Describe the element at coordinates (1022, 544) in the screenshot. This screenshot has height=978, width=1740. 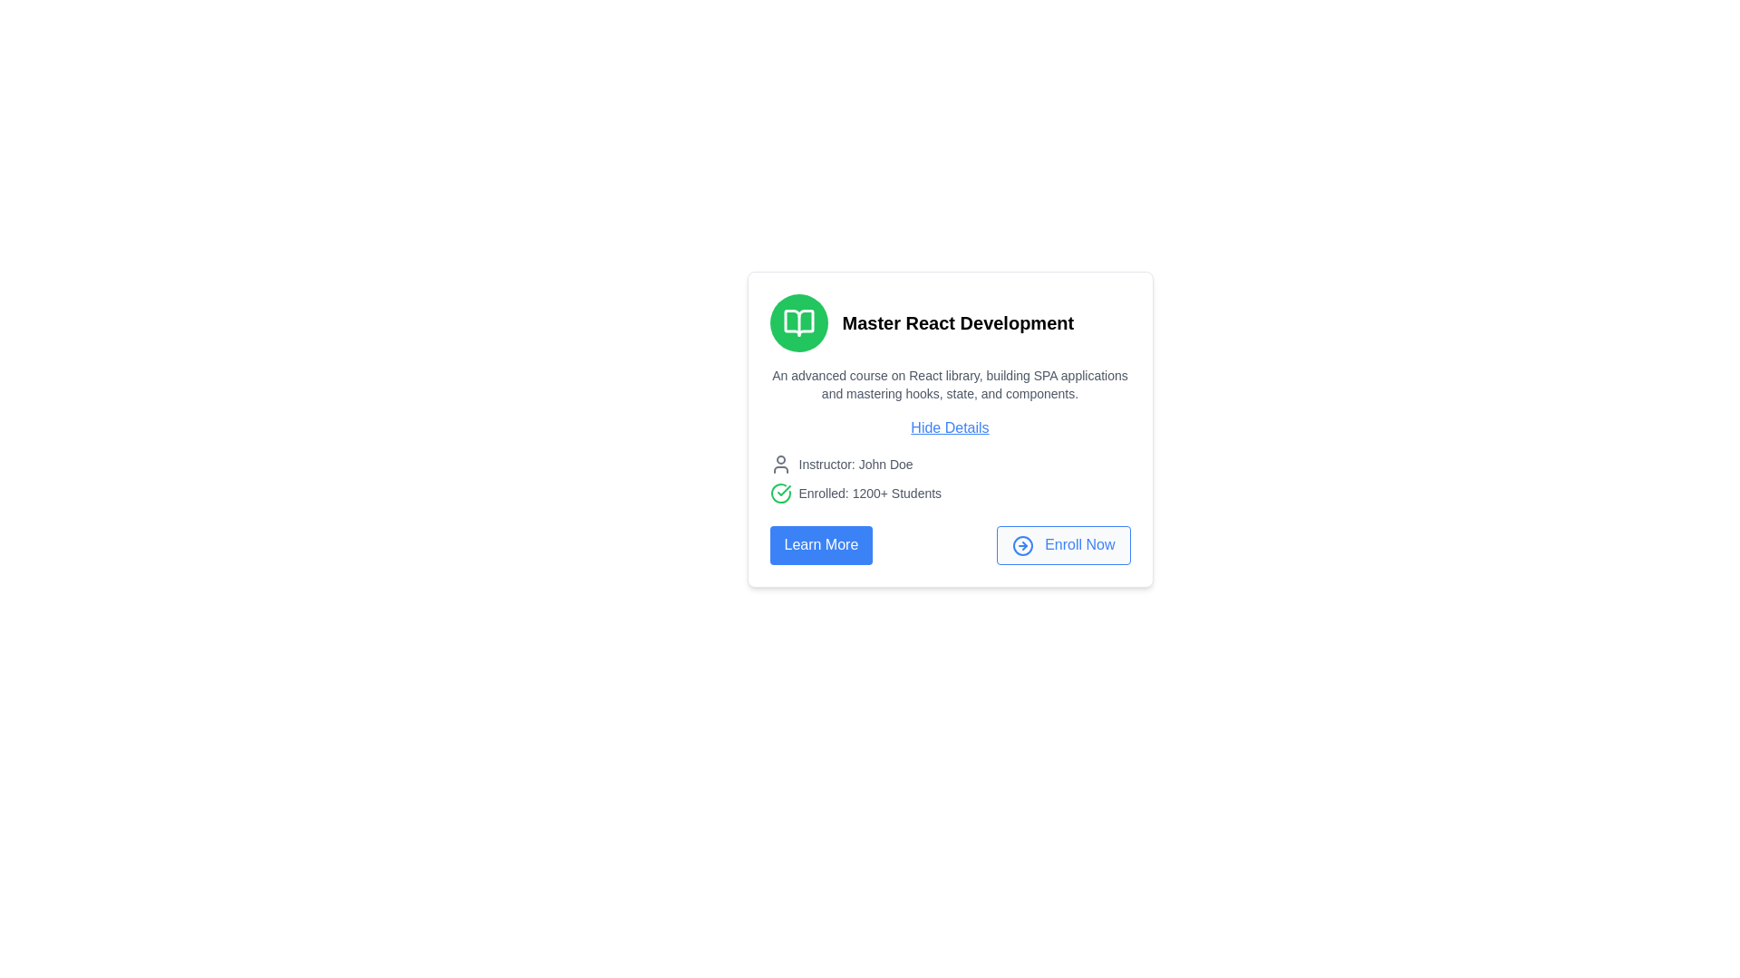
I see `the SVG graphic icon resembling a circular arrow pointing right, which is located to the immediate left of the 'Enroll Now' button text at the bottom-right of the card layout` at that location.